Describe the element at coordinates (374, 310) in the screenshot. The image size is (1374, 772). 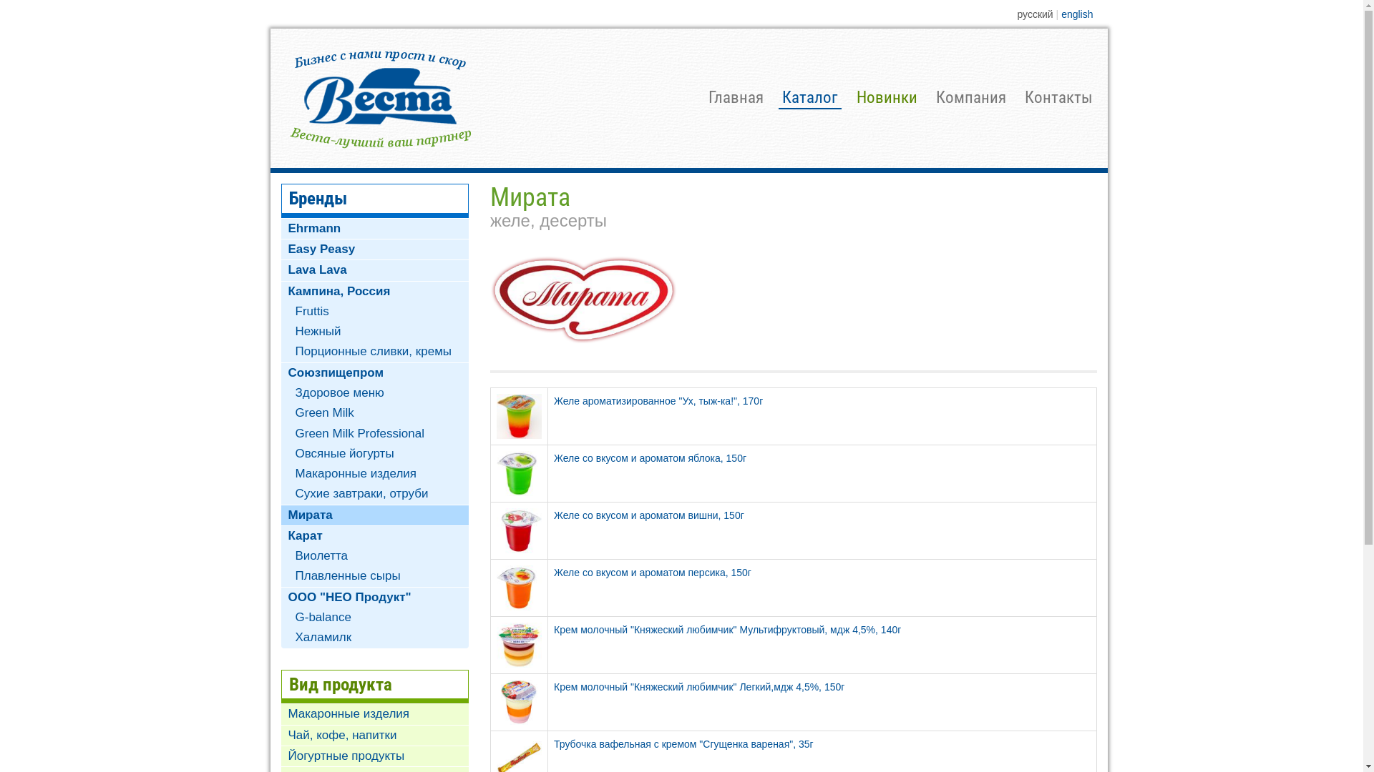
I see `'Fruttis'` at that location.